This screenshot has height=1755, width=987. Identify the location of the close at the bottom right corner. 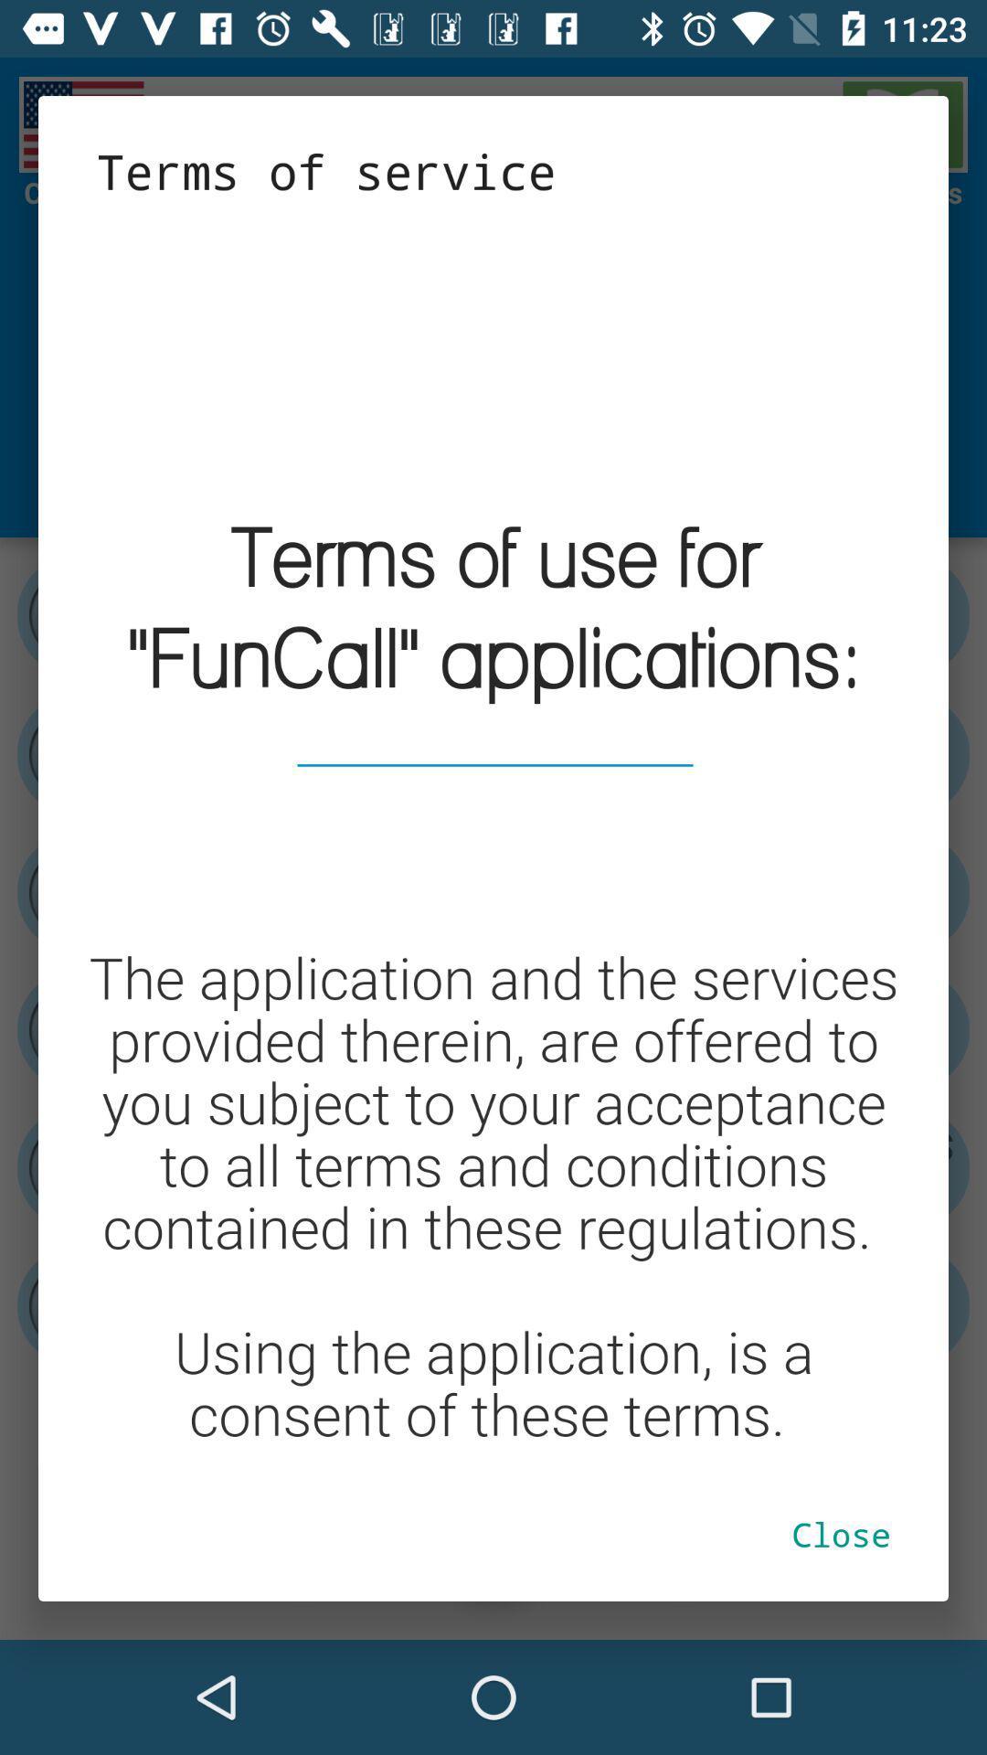
(841, 1534).